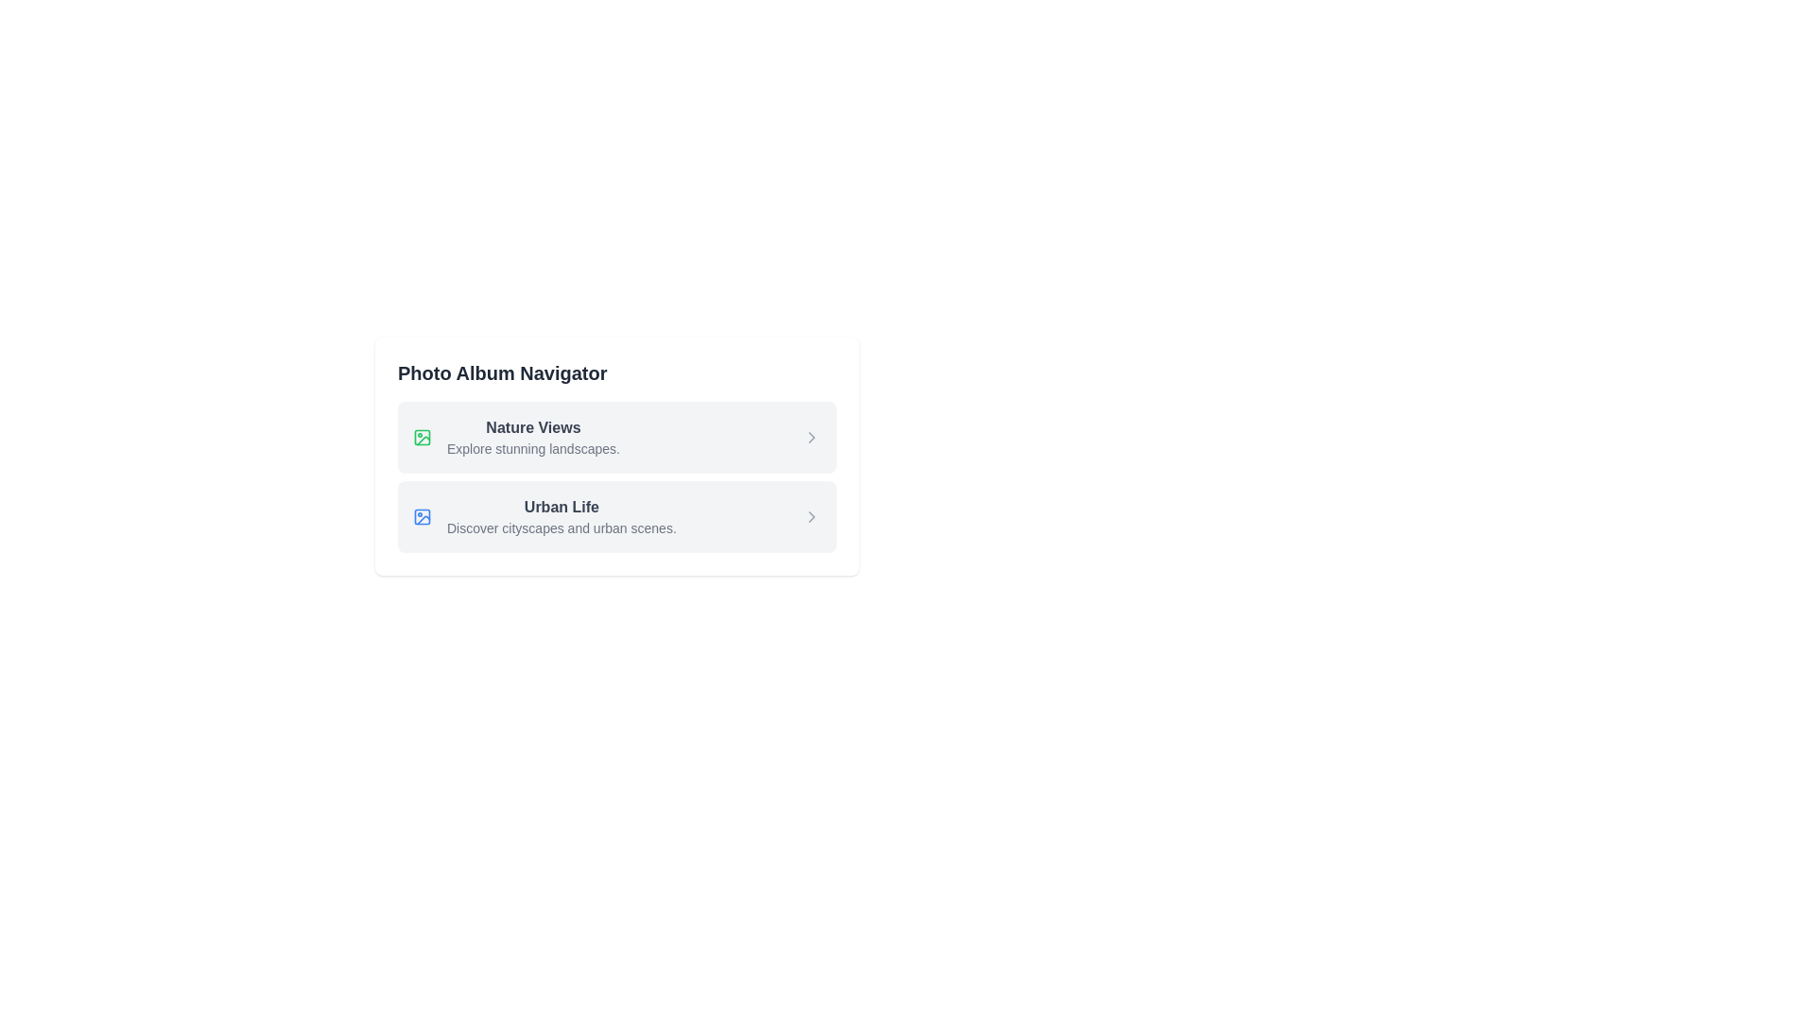 The width and height of the screenshot is (1815, 1021). I want to click on the 'Urban Life' button-like navigational item, so click(616, 517).